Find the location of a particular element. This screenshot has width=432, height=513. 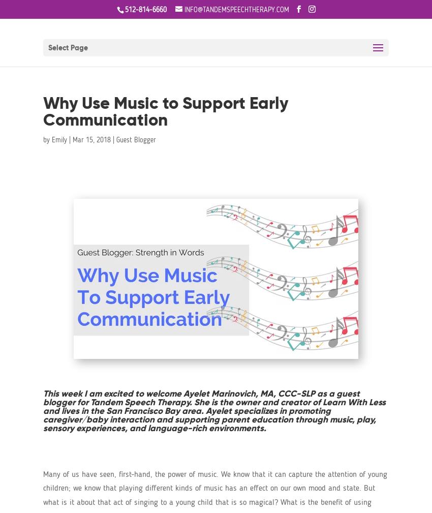

'Mar 15, 2018' is located at coordinates (91, 139).